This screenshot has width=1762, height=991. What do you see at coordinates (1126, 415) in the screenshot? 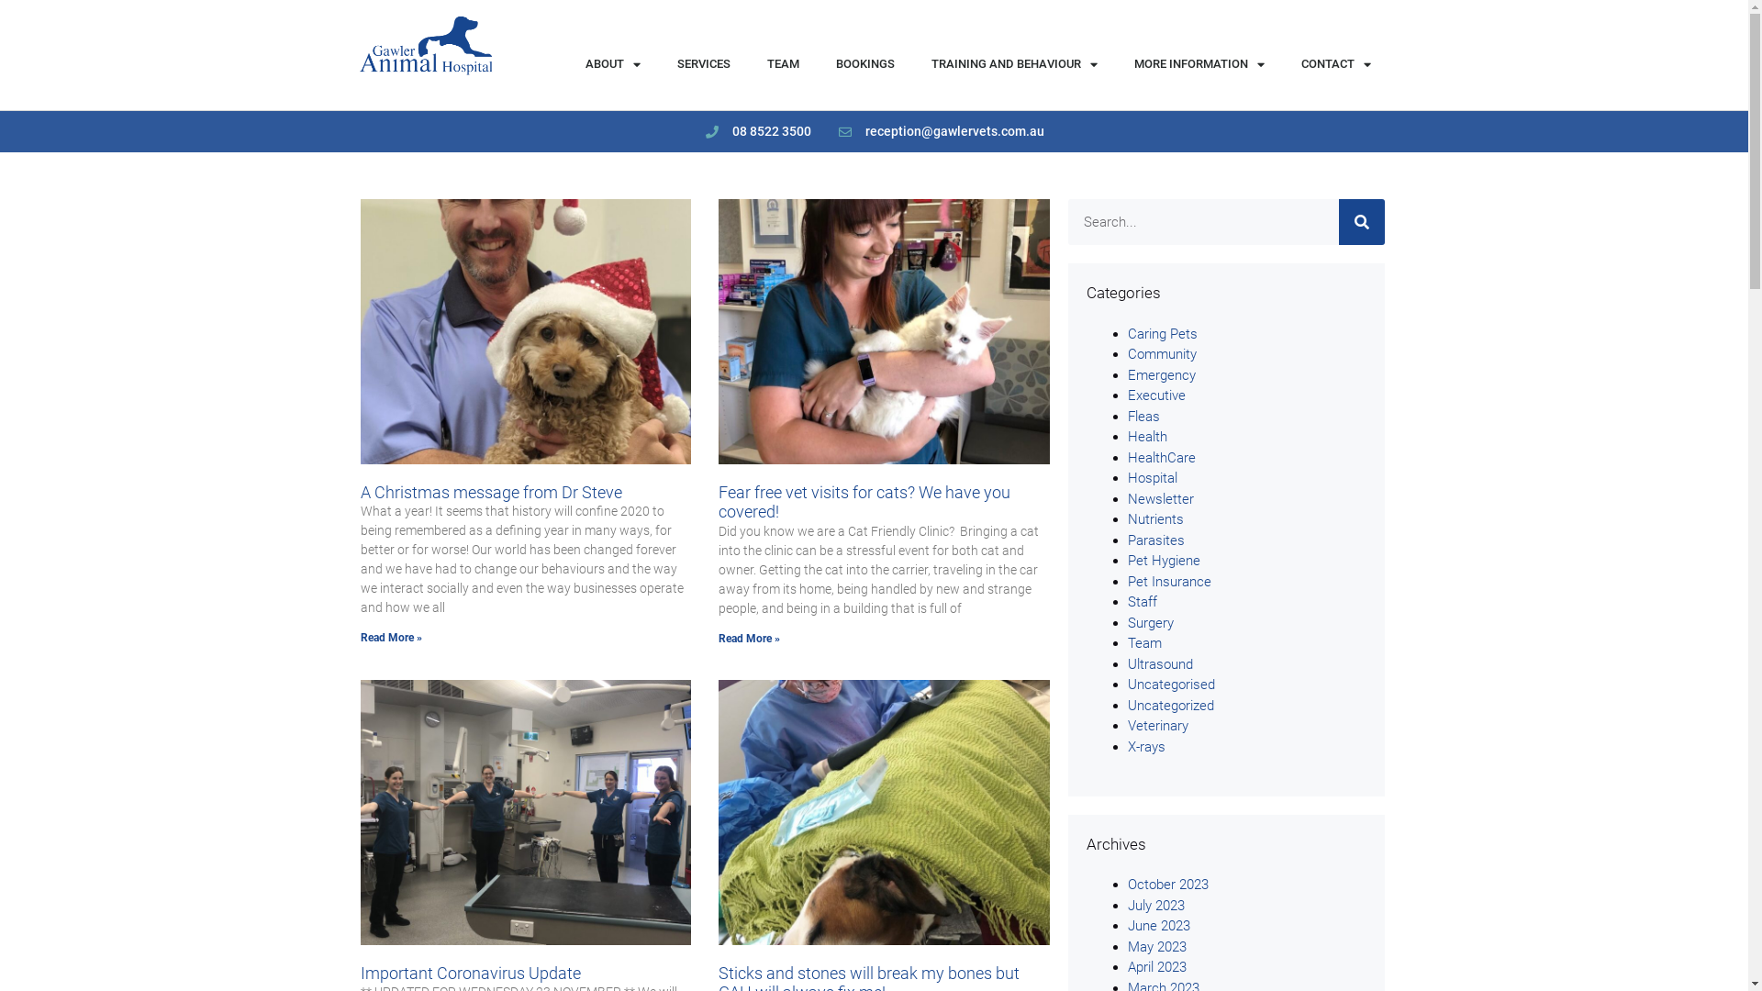
I see `'Fleas'` at bounding box center [1126, 415].